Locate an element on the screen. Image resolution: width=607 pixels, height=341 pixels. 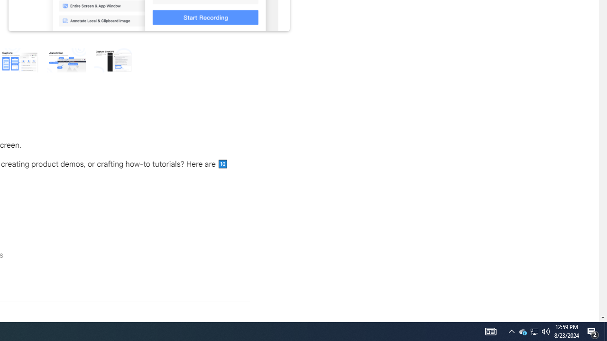
'Show desktop' is located at coordinates (593, 331).